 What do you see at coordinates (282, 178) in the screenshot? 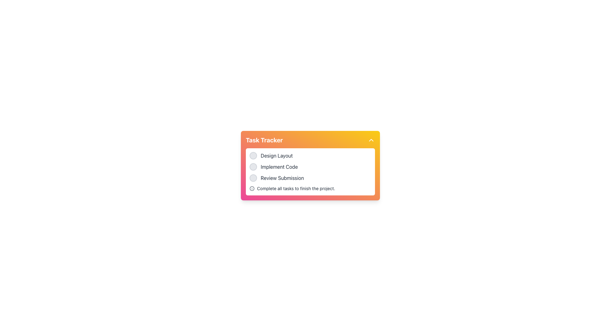
I see `the 'Review Submission' text label in the 'Task Tracker' interface to mark selection if interactivity is added later` at bounding box center [282, 178].